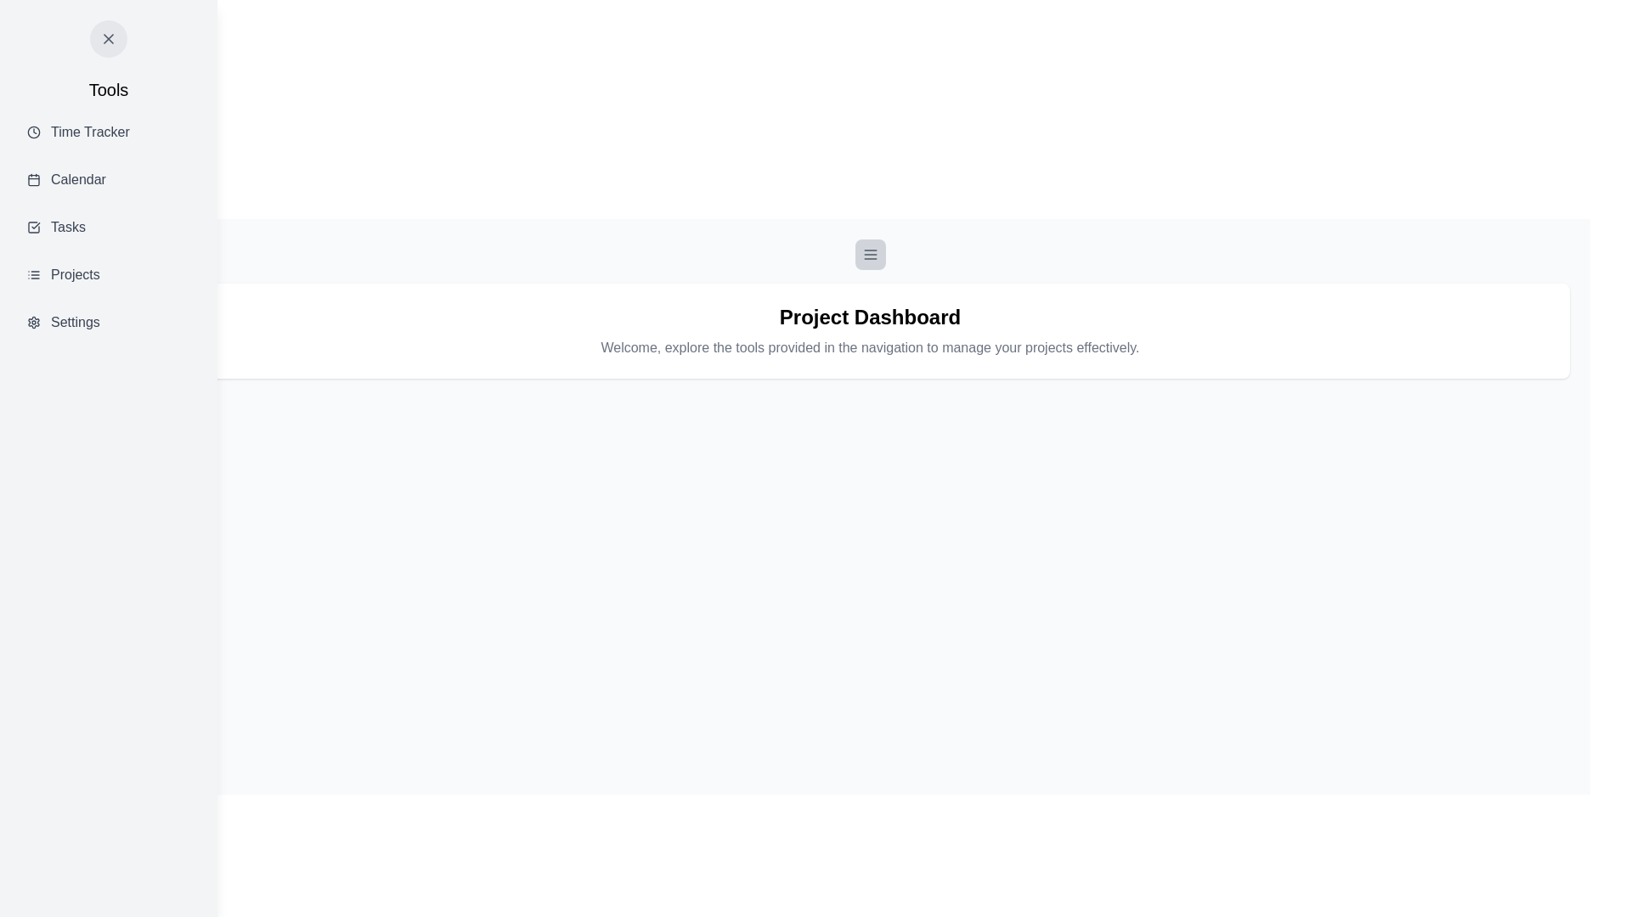  Describe the element at coordinates (870, 255) in the screenshot. I see `the menu button located above the 'Project Dashboard' title` at that location.